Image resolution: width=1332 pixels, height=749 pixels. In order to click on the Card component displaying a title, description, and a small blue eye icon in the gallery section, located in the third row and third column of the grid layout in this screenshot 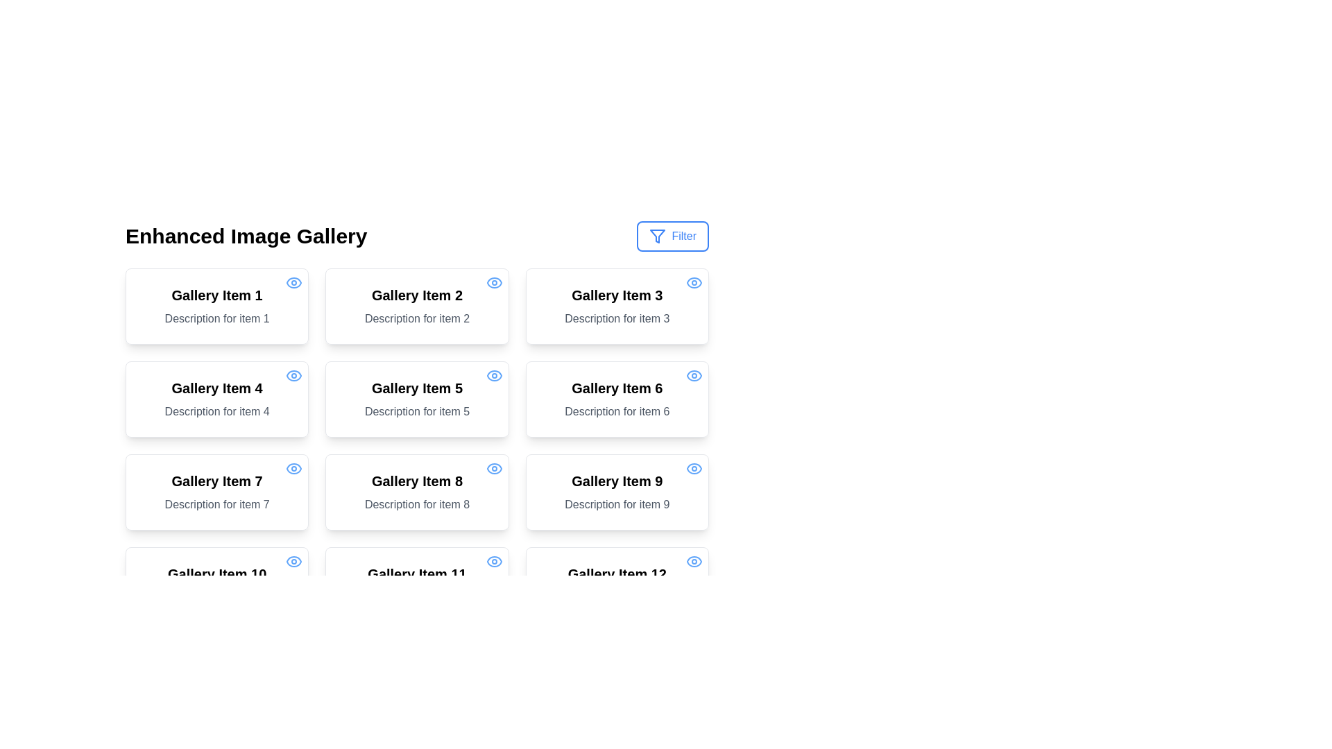, I will do `click(616, 491)`.